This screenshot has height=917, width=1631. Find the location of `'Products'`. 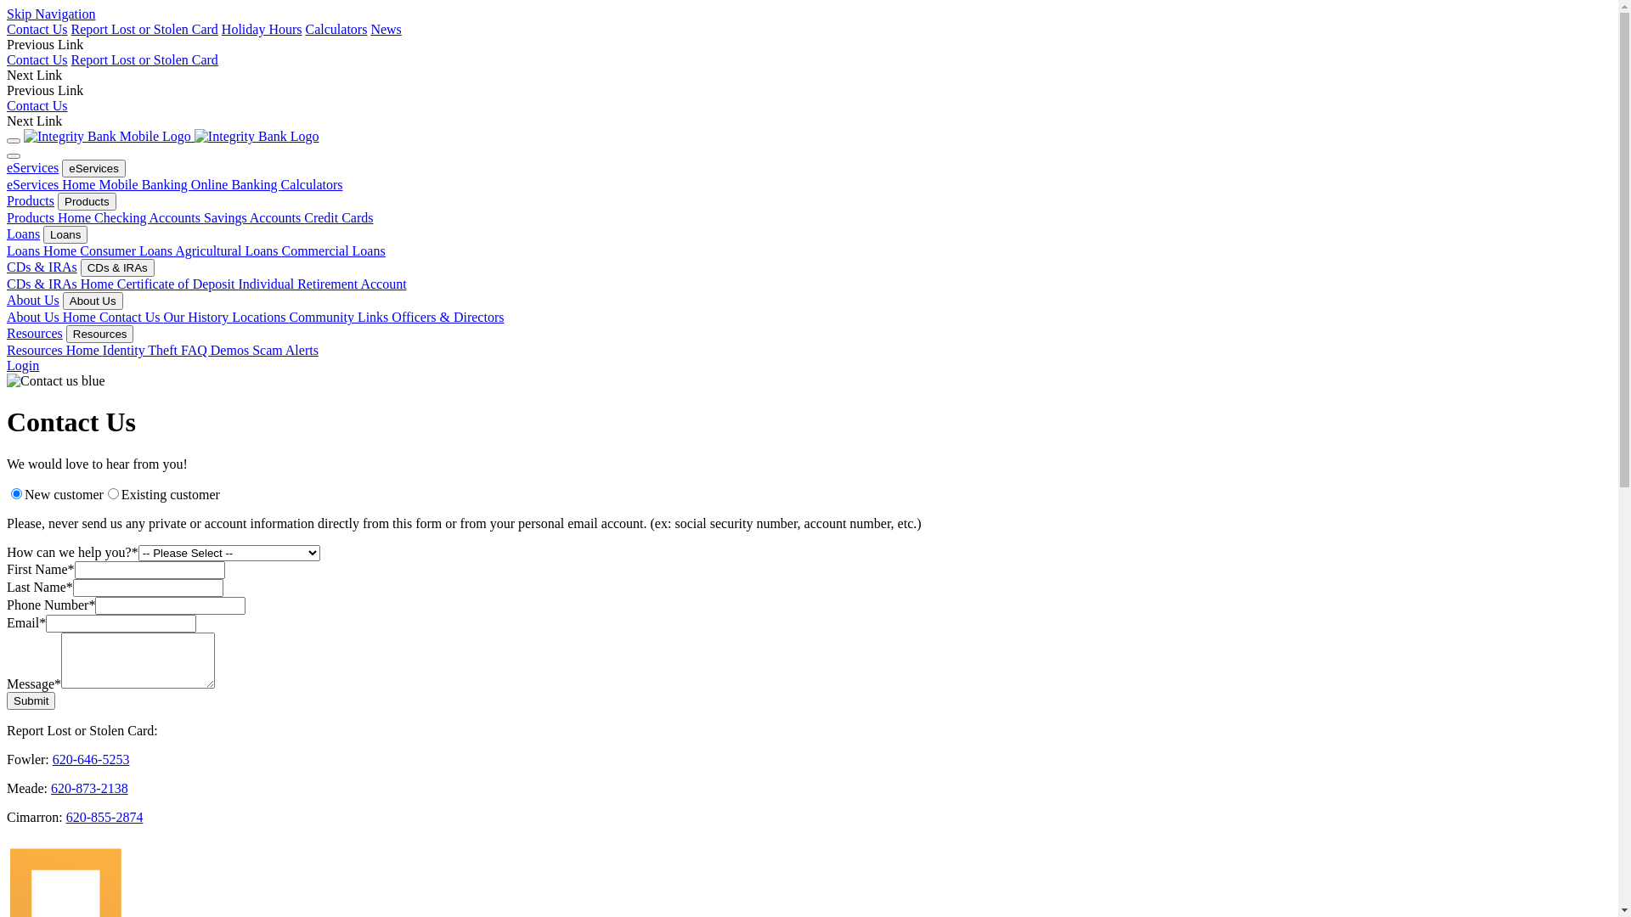

'Products' is located at coordinates (86, 200).